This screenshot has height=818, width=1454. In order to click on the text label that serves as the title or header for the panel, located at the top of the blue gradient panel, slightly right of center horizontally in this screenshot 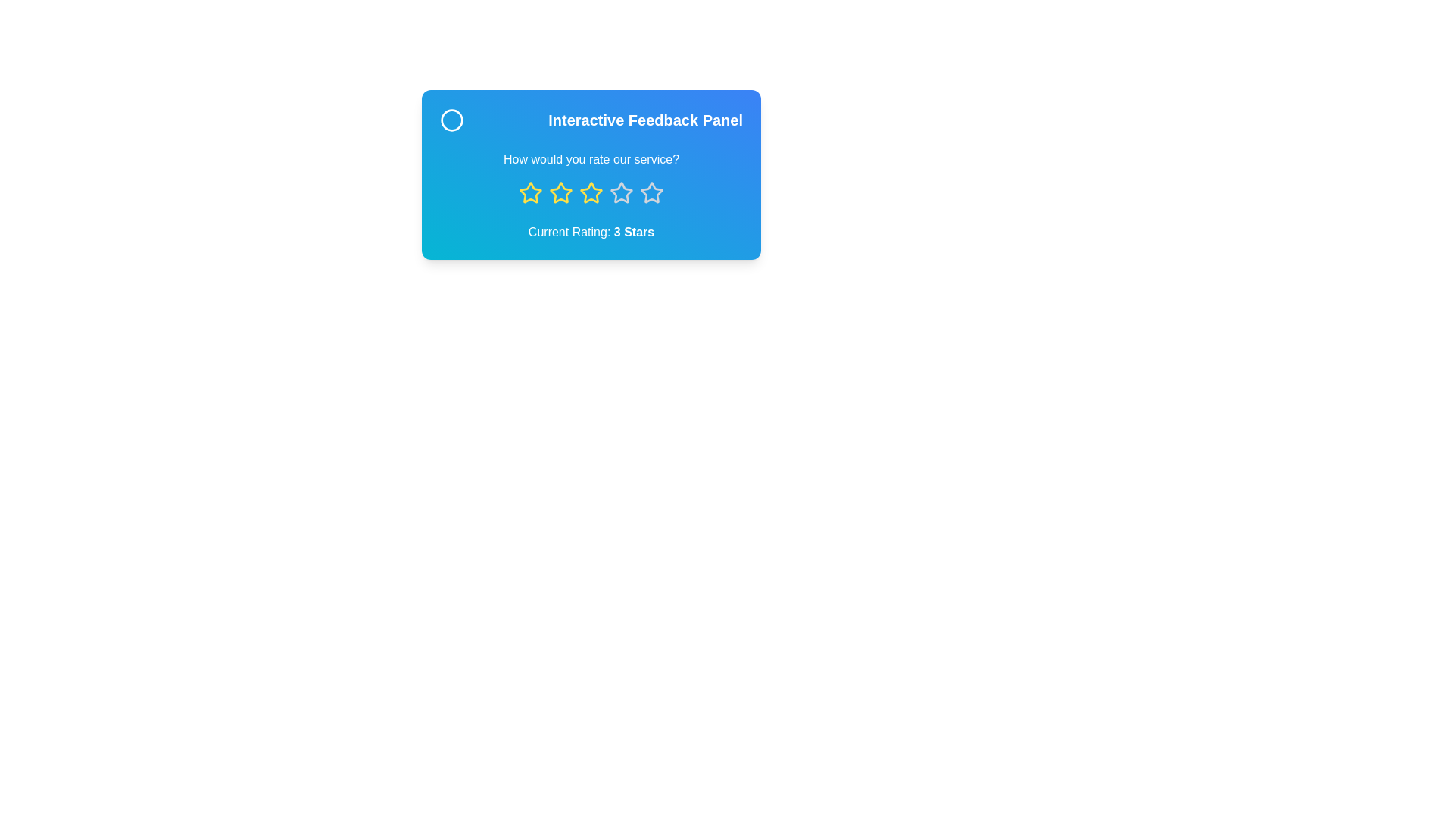, I will do `click(591, 119)`.